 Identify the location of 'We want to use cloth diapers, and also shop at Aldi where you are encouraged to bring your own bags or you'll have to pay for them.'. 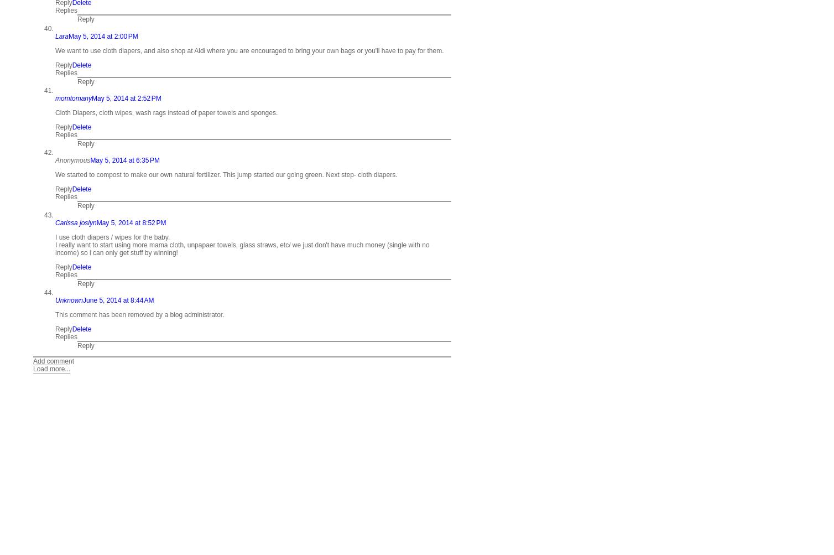
(249, 50).